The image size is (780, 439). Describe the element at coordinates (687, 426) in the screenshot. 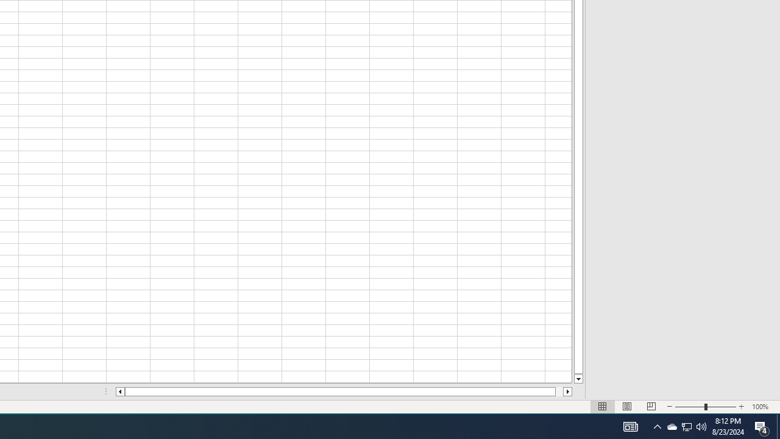

I see `'Notification Chevron'` at that location.